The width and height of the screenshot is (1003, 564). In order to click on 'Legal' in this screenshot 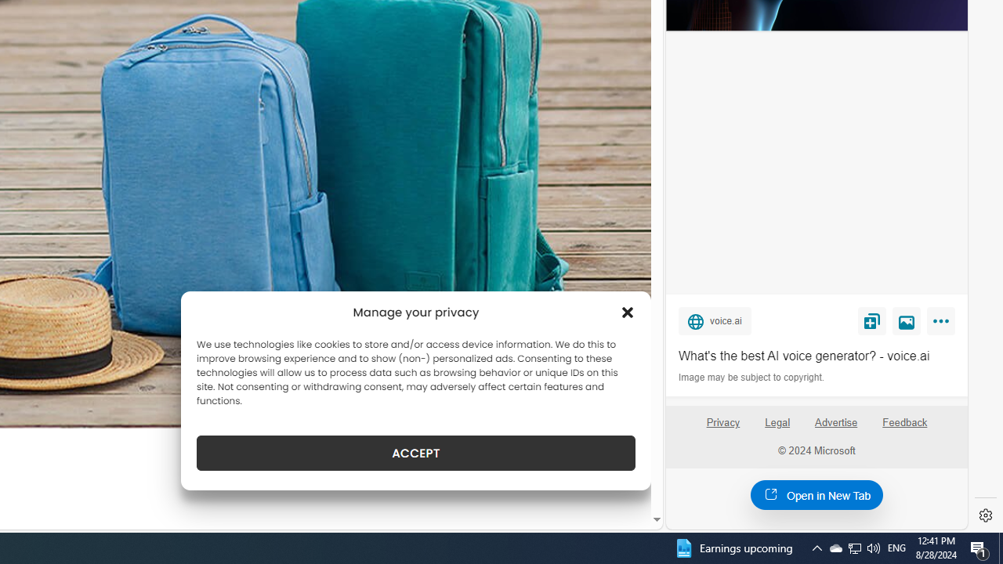, I will do `click(777, 421)`.